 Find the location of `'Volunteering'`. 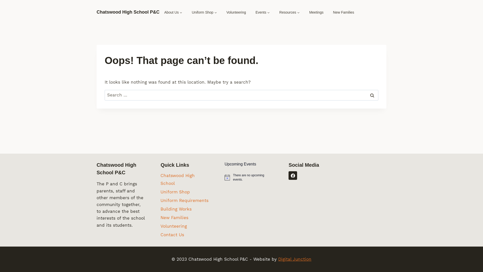

'Volunteering' is located at coordinates (236, 12).